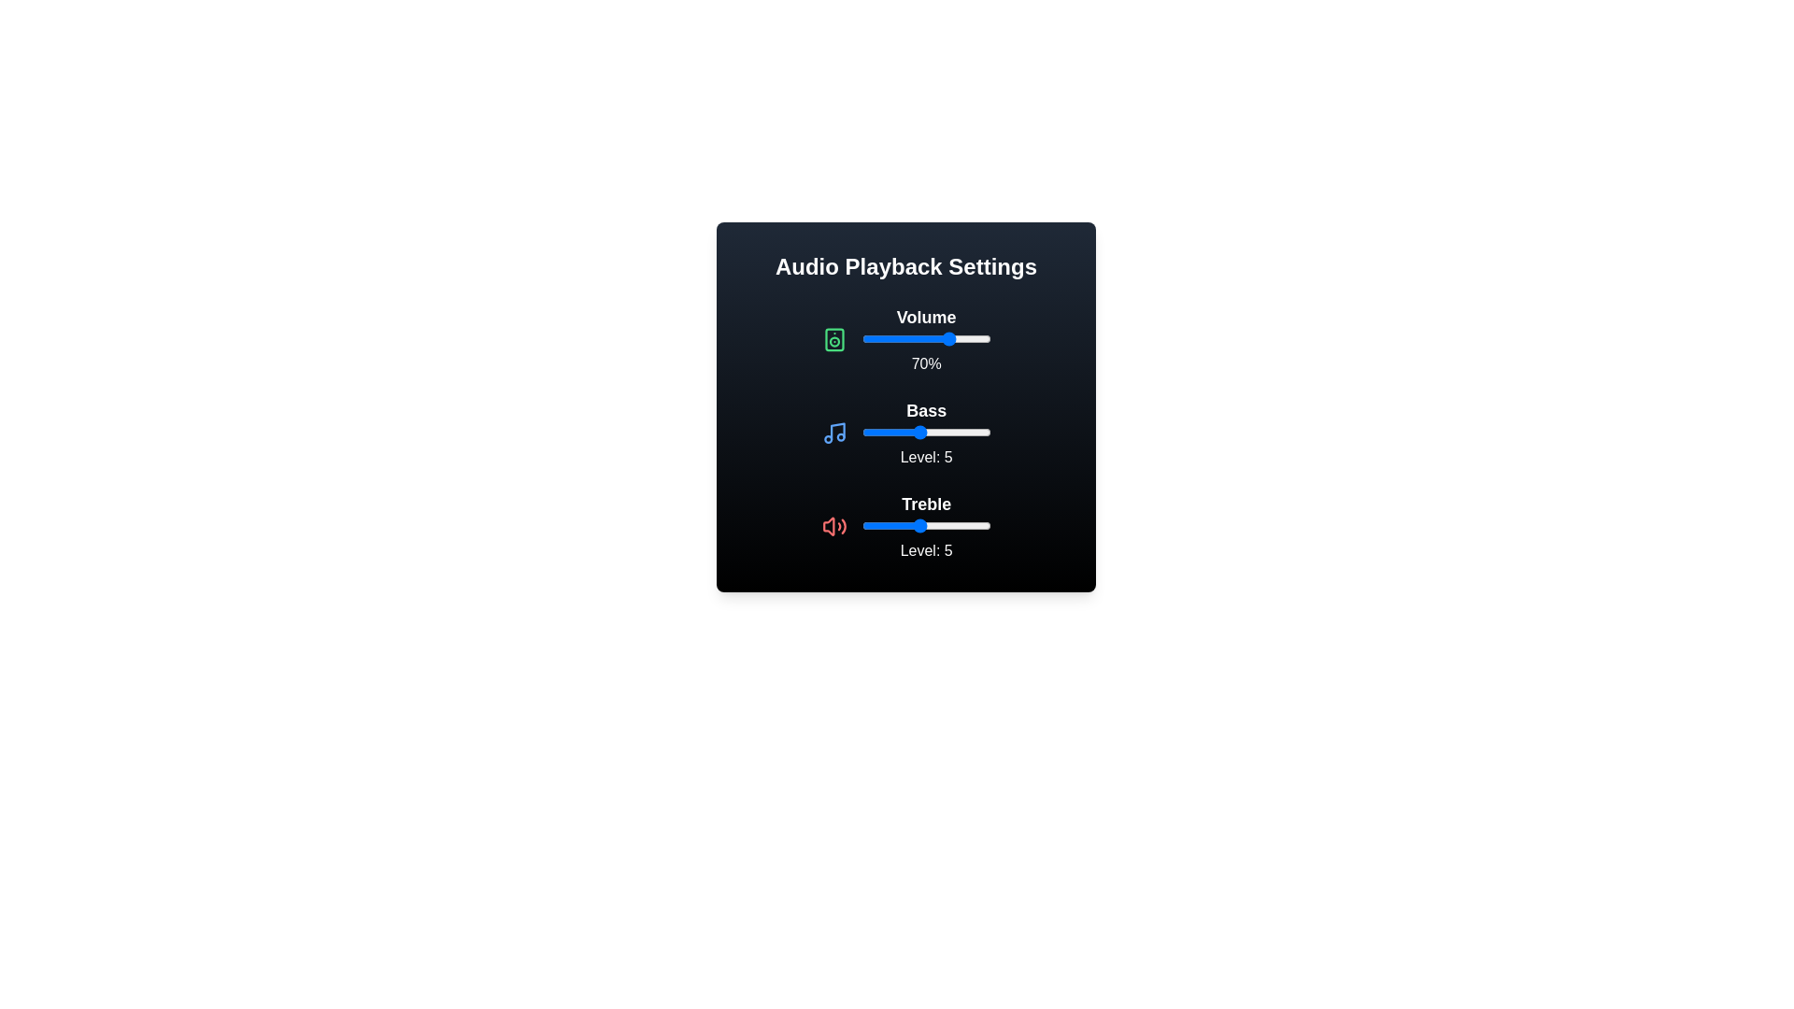 Image resolution: width=1794 pixels, height=1009 pixels. What do you see at coordinates (876, 432) in the screenshot?
I see `bass level` at bounding box center [876, 432].